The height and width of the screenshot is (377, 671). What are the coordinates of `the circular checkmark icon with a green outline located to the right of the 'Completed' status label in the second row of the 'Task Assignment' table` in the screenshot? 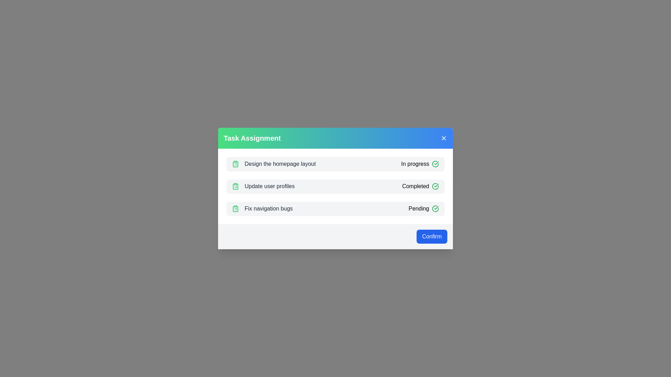 It's located at (435, 186).